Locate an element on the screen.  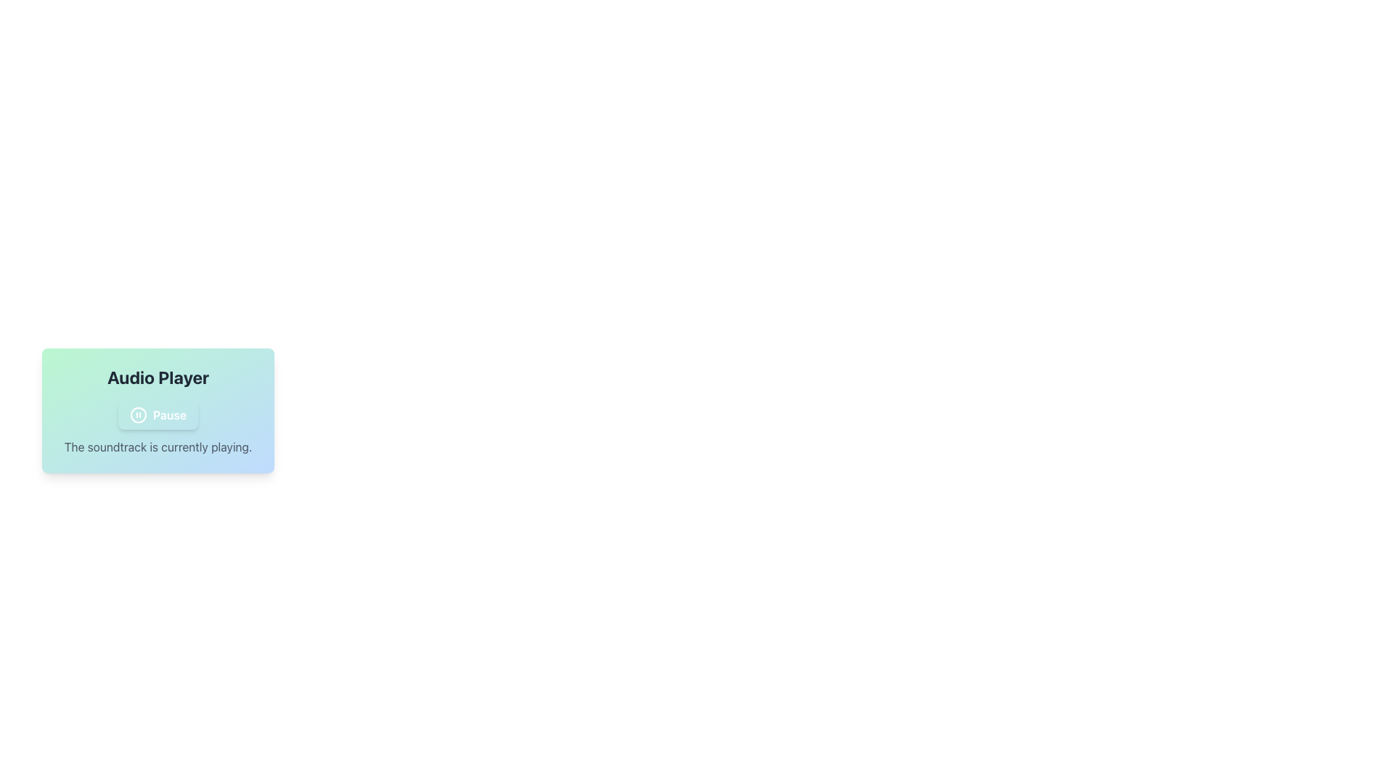
the playback toggle button in the audio player interface, which is indicated by its red background when active and green when paused, positioned below the 'Audio Player' header and above the description text is located at coordinates (158, 415).